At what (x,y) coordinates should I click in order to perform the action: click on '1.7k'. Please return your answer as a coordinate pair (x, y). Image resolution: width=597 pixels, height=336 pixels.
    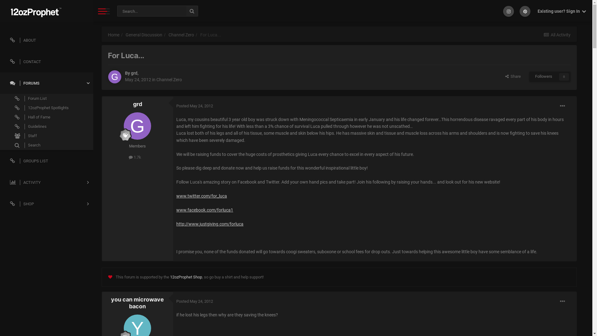
    Looking at the image, I should click on (134, 157).